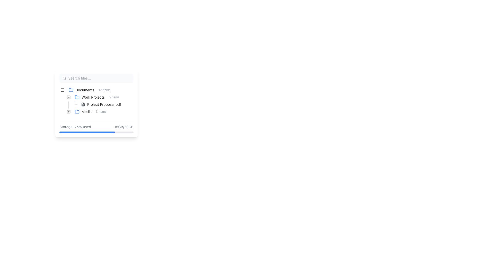  What do you see at coordinates (68, 111) in the screenshot?
I see `the plus sign icon within a square` at bounding box center [68, 111].